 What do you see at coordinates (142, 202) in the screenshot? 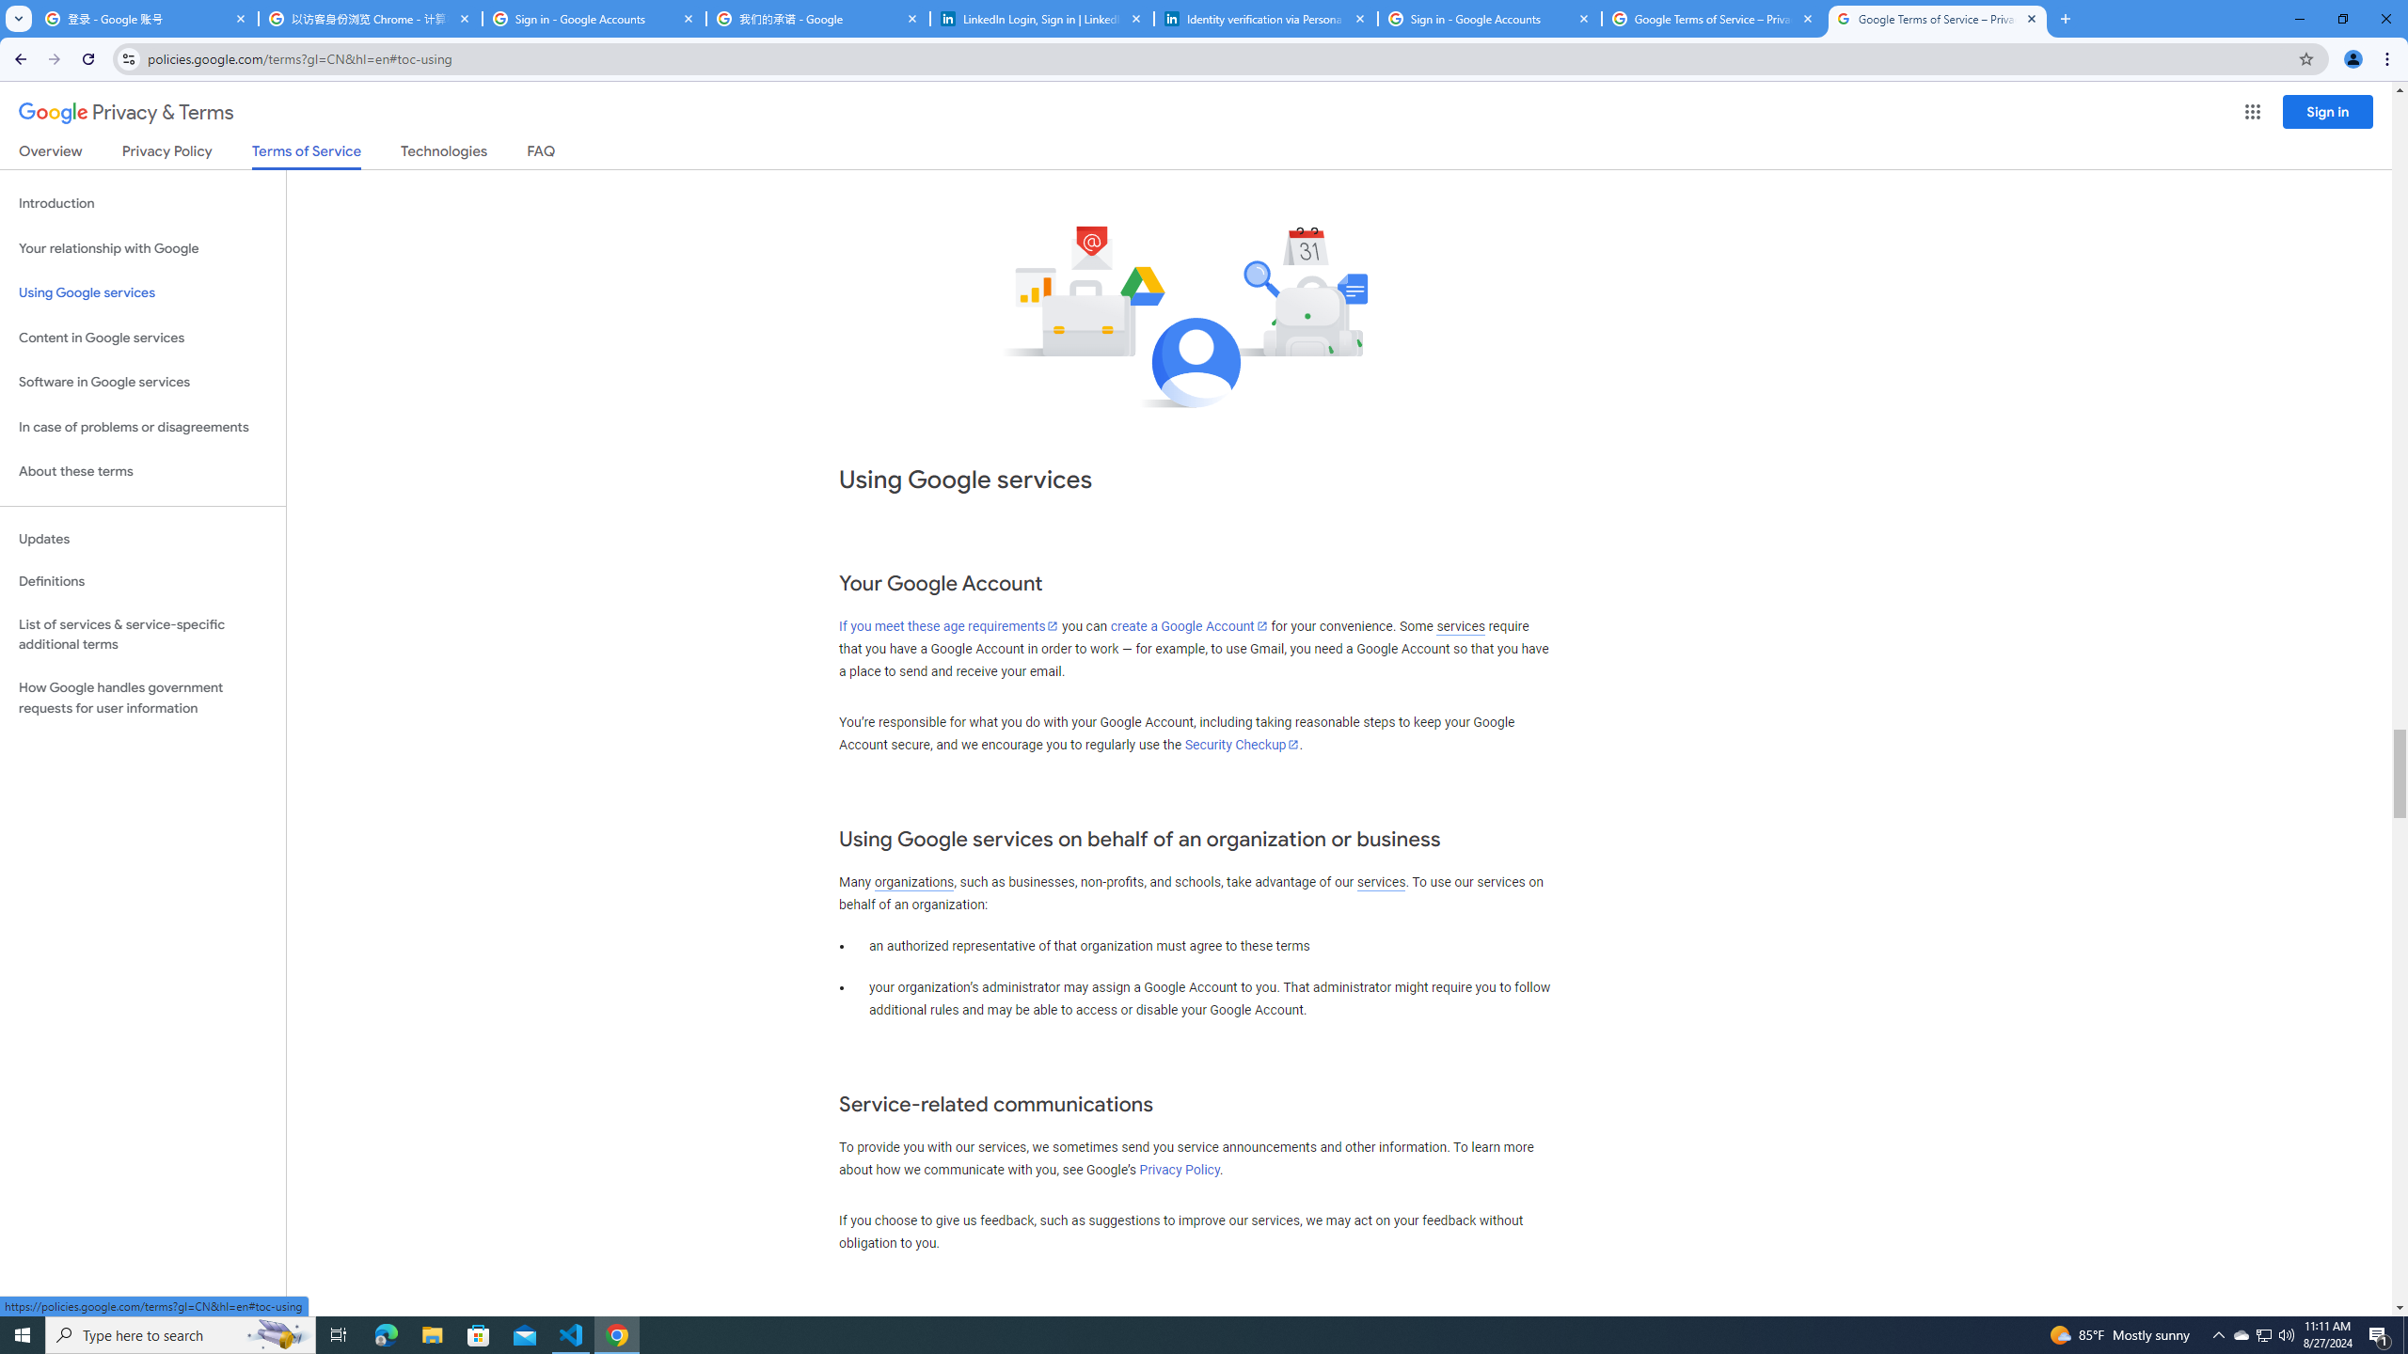
I see `'Introduction'` at bounding box center [142, 202].